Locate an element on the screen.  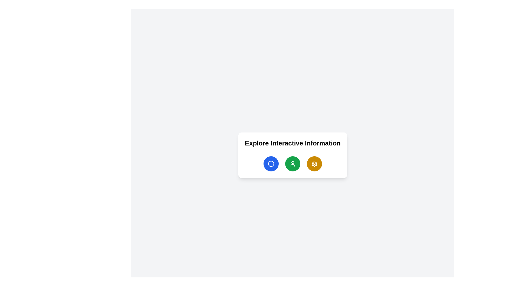
the gear icon, which is the rightmost icon in a group of three is located at coordinates (314, 163).